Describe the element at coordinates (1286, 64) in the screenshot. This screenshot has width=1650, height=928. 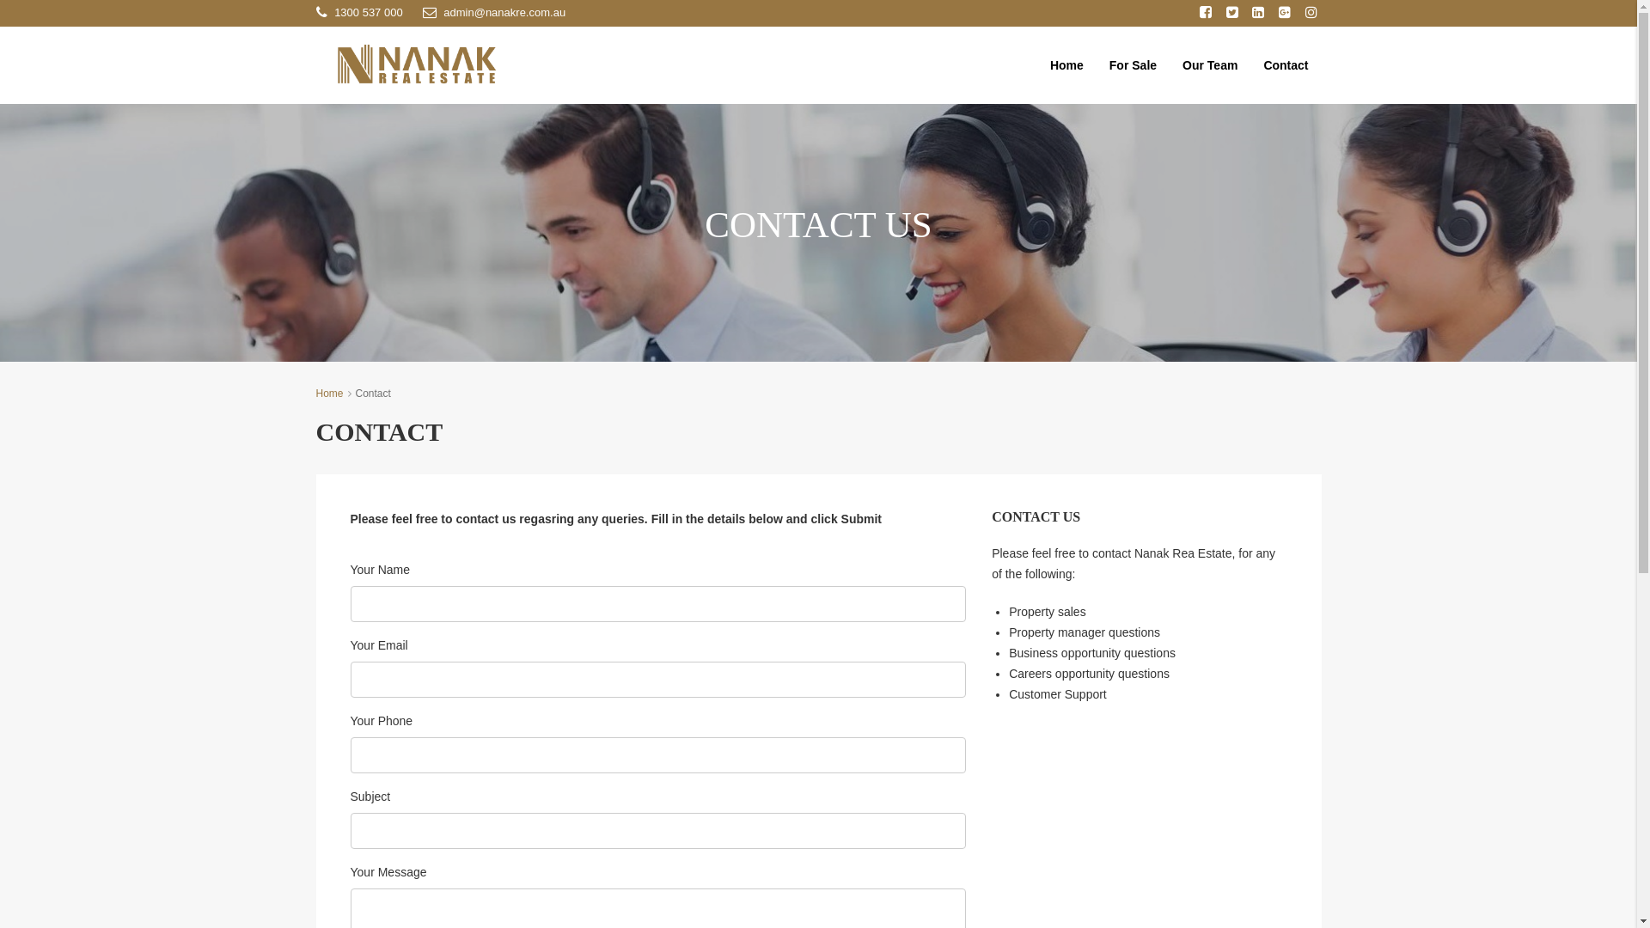
I see `'Contact'` at that location.